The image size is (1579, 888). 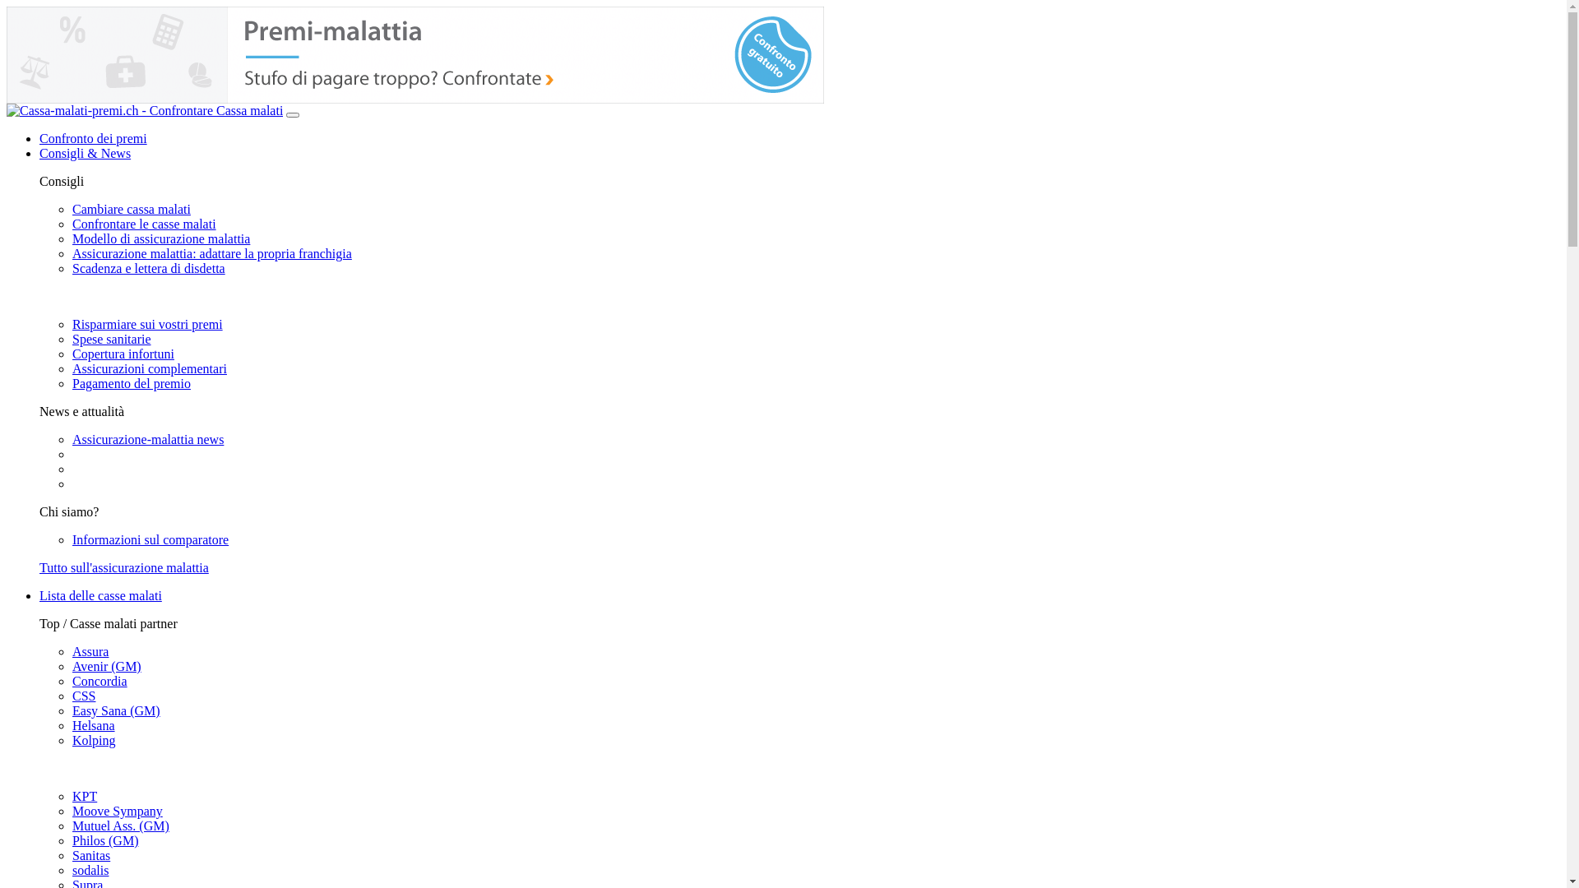 What do you see at coordinates (161, 238) in the screenshot?
I see `'Modello di assicurazione malattia'` at bounding box center [161, 238].